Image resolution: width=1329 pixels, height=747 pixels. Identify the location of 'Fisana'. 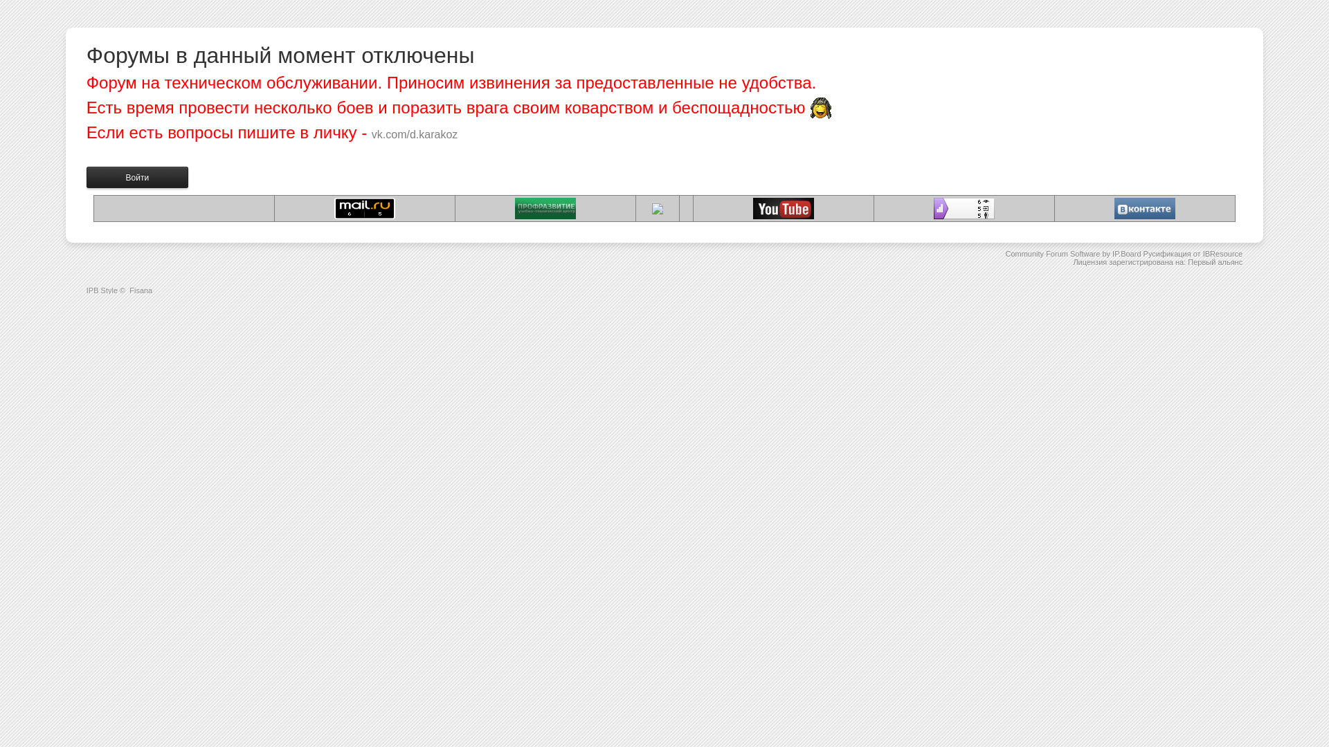
(141, 290).